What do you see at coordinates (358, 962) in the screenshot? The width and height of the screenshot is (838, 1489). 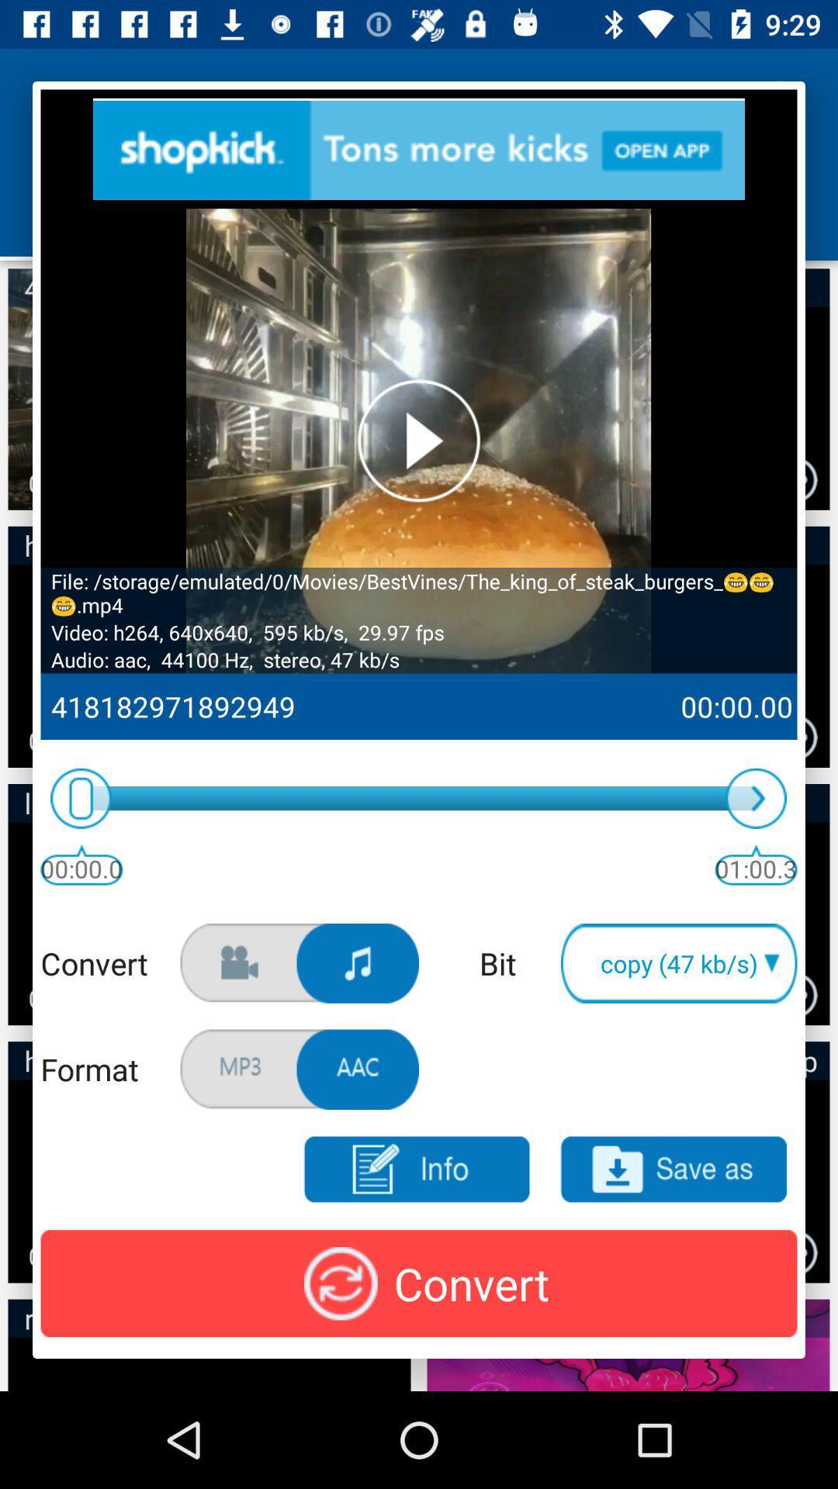 I see `click music` at bounding box center [358, 962].